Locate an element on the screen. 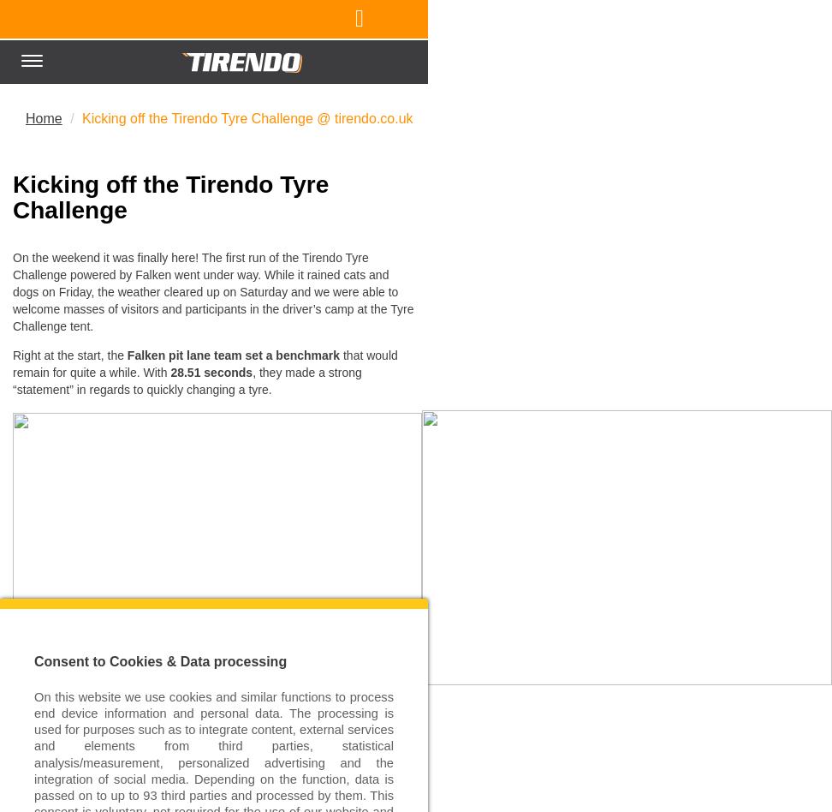 This screenshot has width=832, height=812. 'Home' is located at coordinates (44, 117).